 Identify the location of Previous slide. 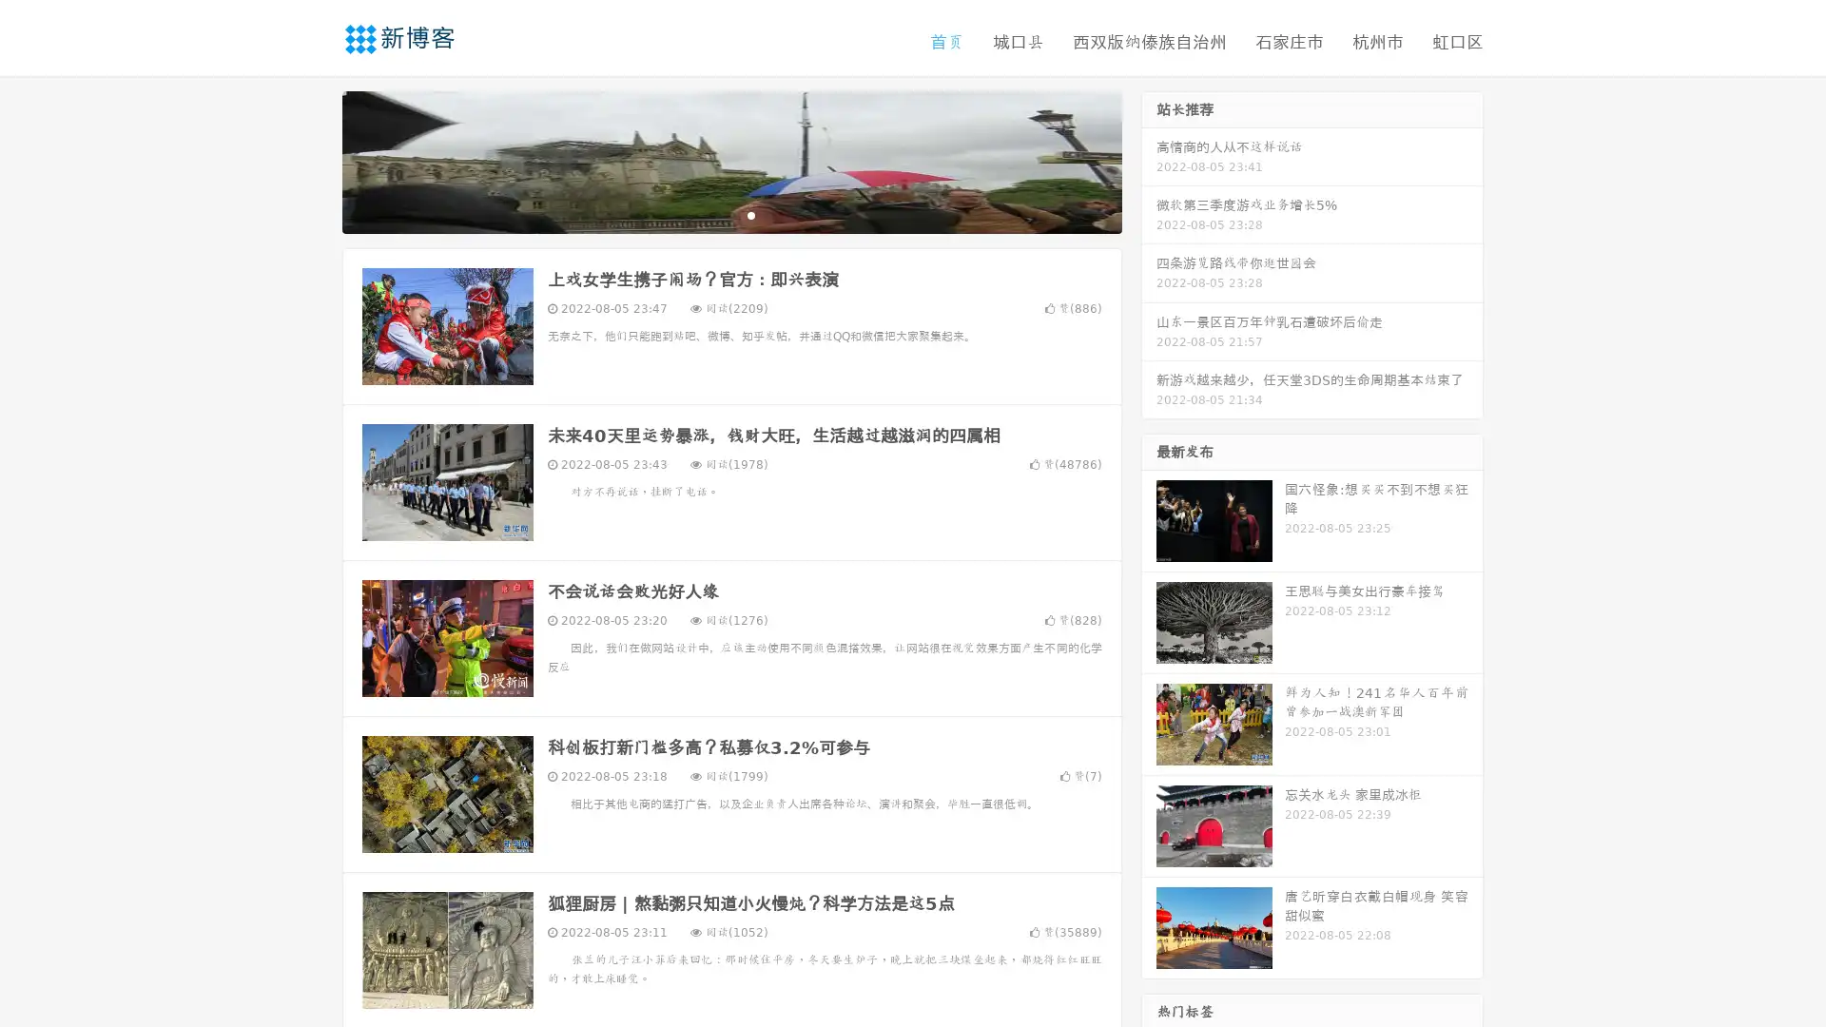
(314, 160).